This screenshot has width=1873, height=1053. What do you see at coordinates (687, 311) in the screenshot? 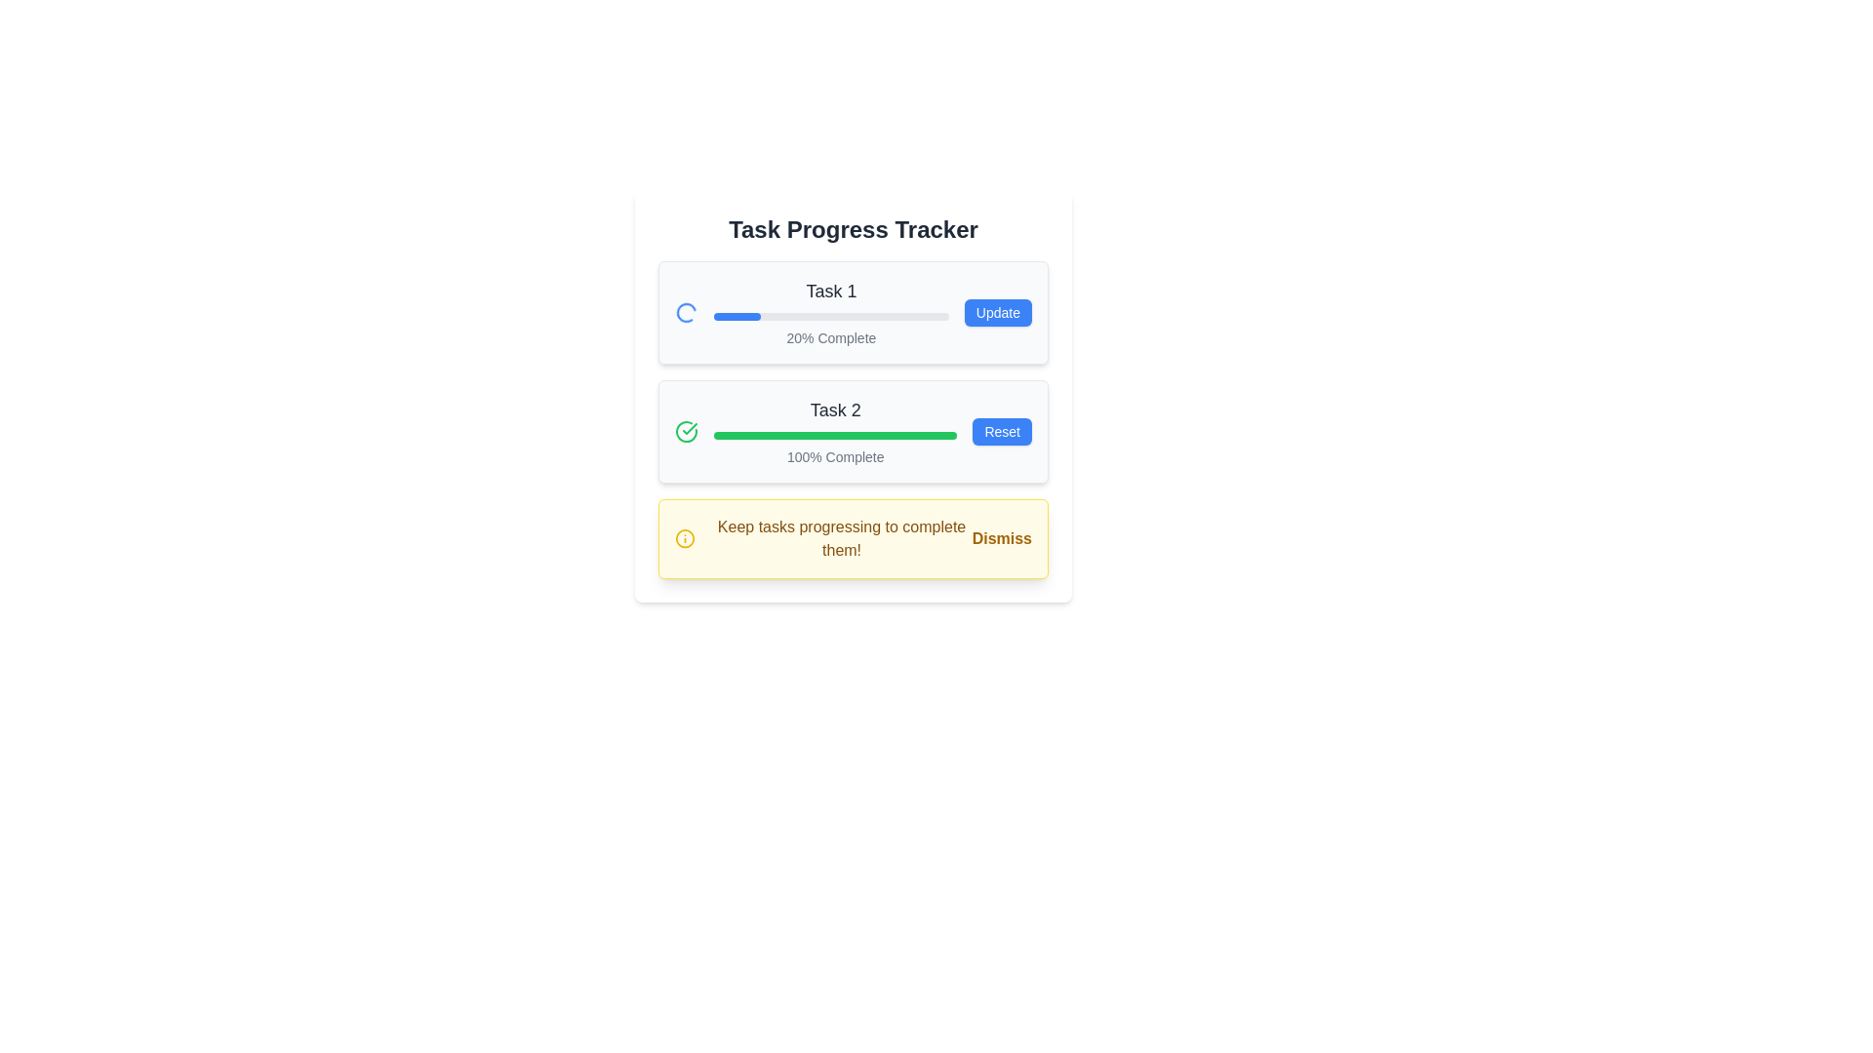
I see `the animation of the Spinner icon located near the left edge of Task 1's row in the Task Progress Tracker, aligned vertically with the 'Task 1' label and progress indicator` at bounding box center [687, 311].